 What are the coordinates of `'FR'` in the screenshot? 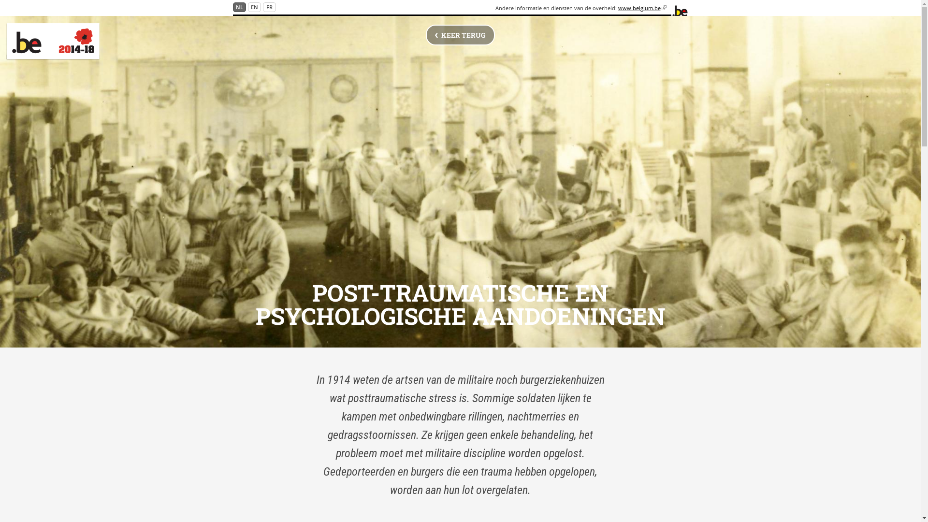 It's located at (262, 7).